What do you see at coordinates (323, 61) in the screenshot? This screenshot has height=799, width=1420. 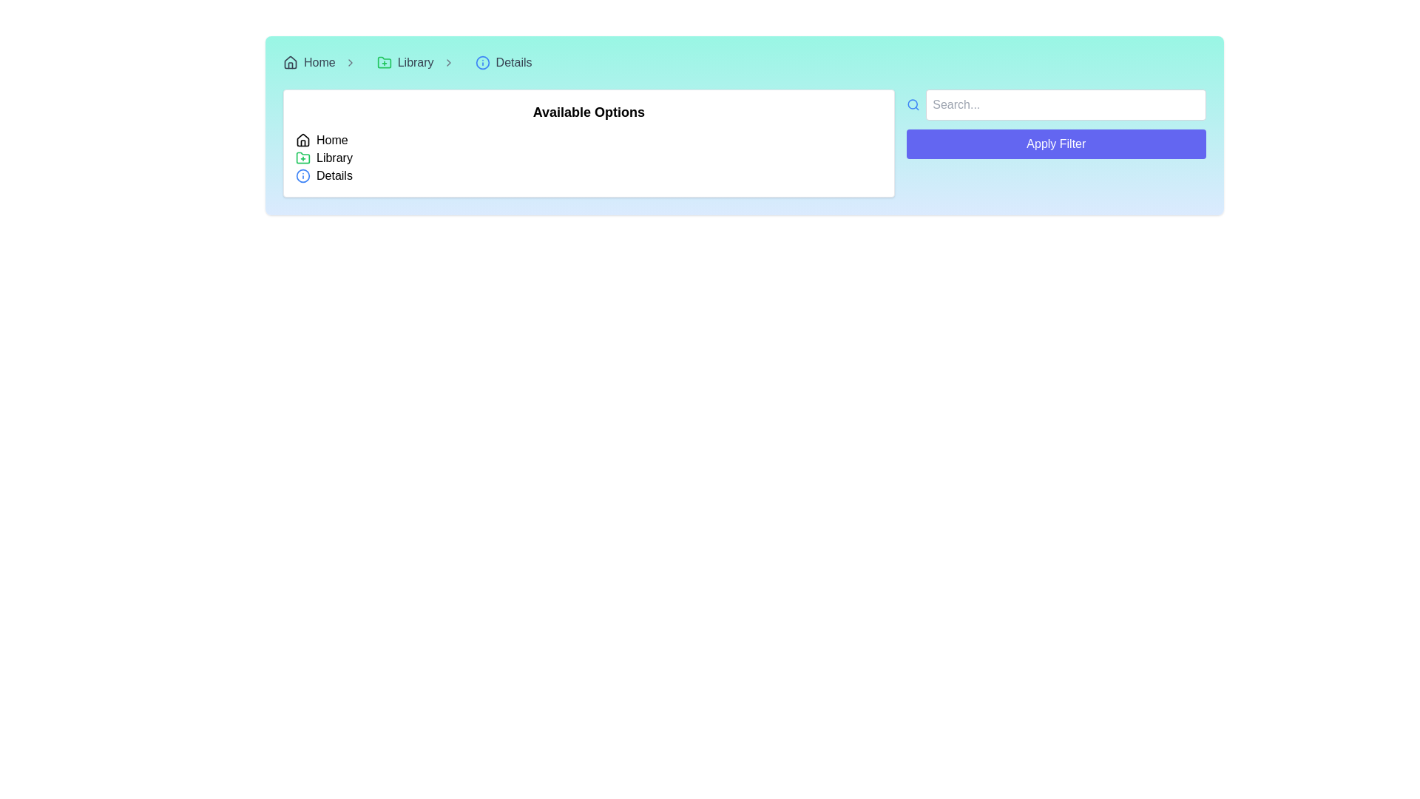 I see `the 'Home' breadcrumb navigation item` at bounding box center [323, 61].